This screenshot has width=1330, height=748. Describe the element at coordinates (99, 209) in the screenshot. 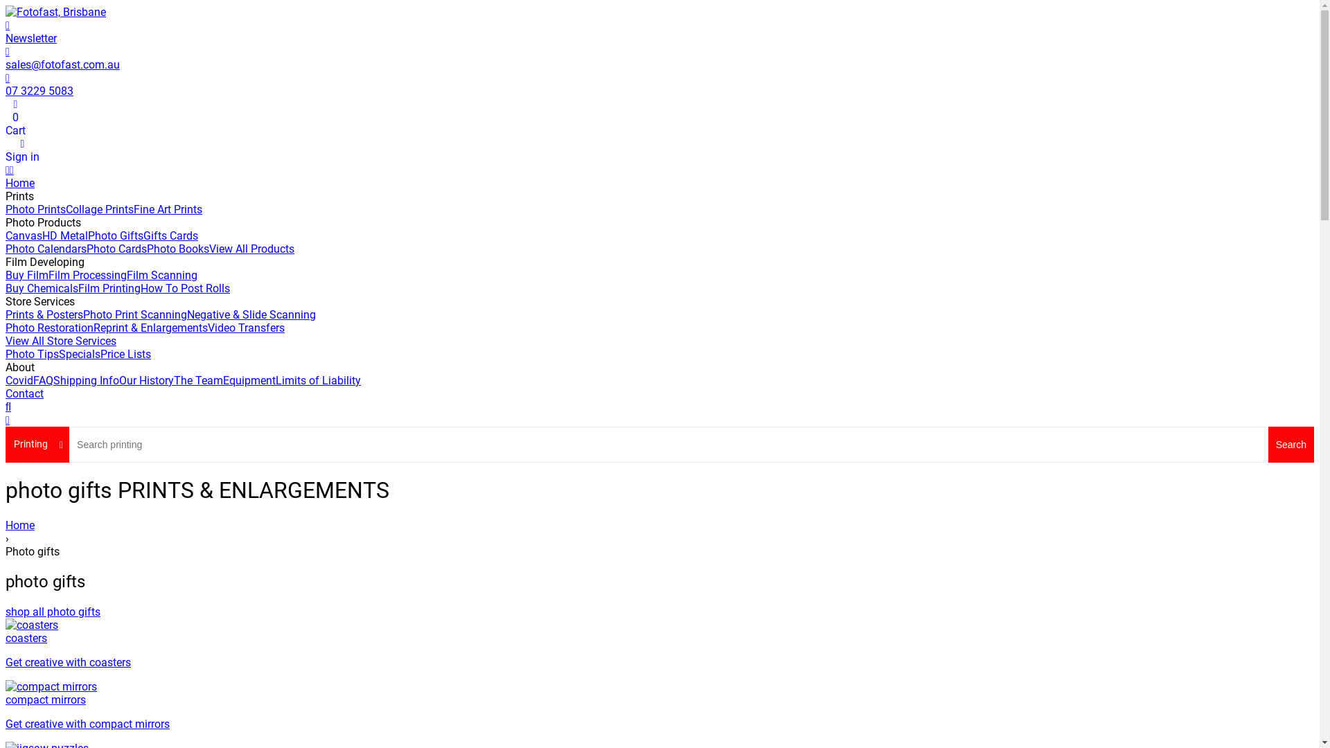

I see `'Collage Prints'` at that location.